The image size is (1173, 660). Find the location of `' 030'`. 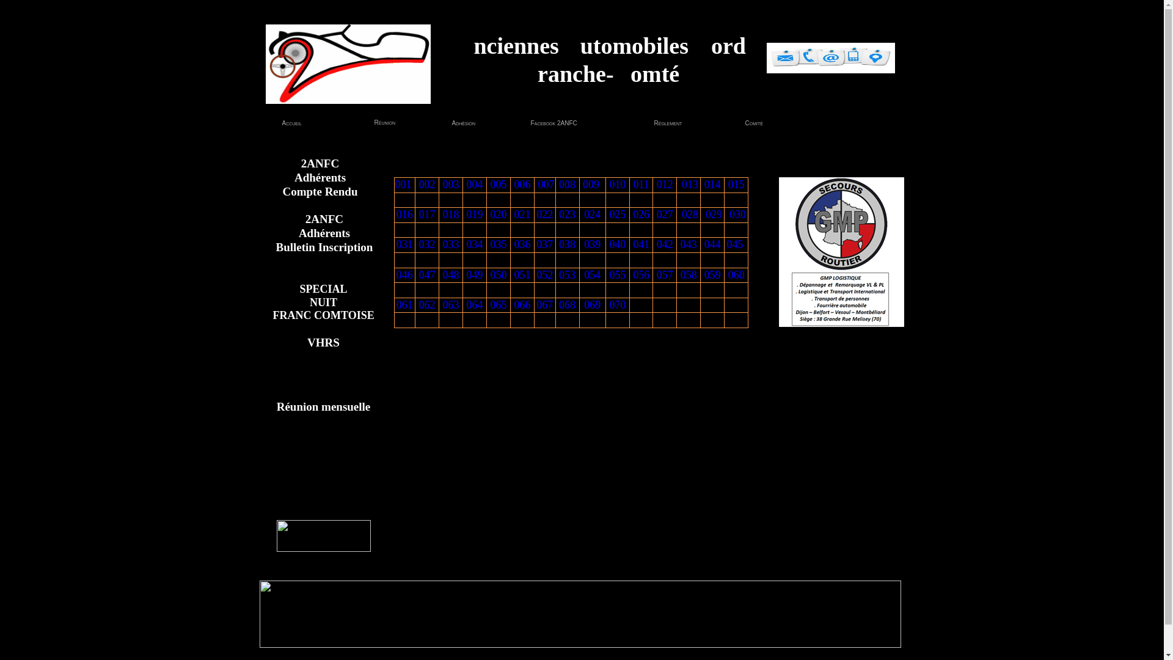

' 030' is located at coordinates (736, 214).